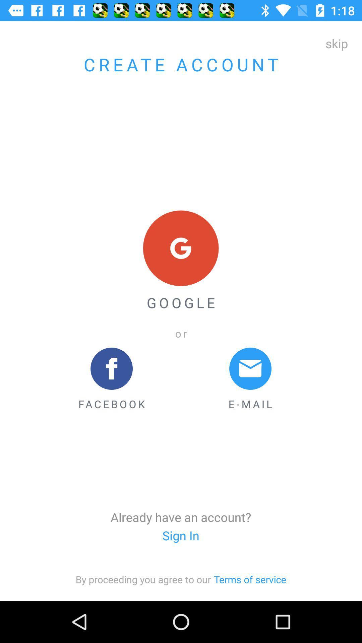  What do you see at coordinates (181, 248) in the screenshot?
I see `icon above google` at bounding box center [181, 248].